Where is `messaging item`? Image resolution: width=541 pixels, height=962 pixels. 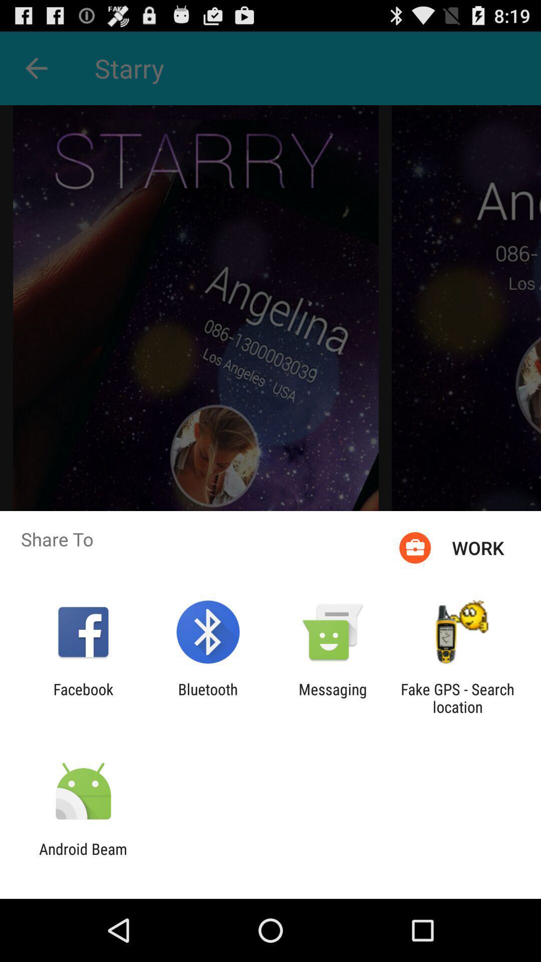 messaging item is located at coordinates (333, 697).